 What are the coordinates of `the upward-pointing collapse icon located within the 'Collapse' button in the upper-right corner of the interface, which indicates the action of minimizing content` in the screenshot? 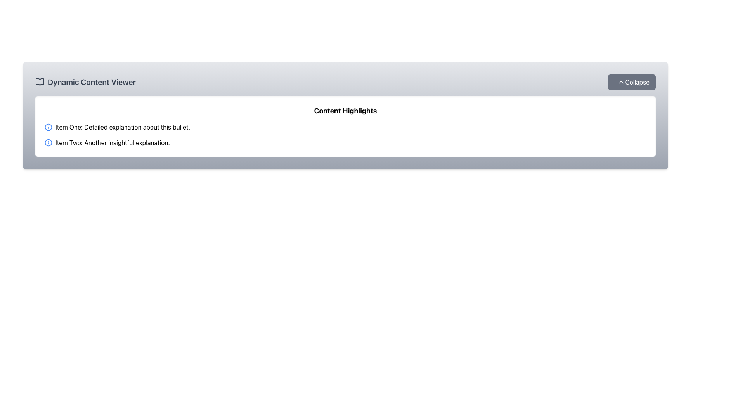 It's located at (621, 82).